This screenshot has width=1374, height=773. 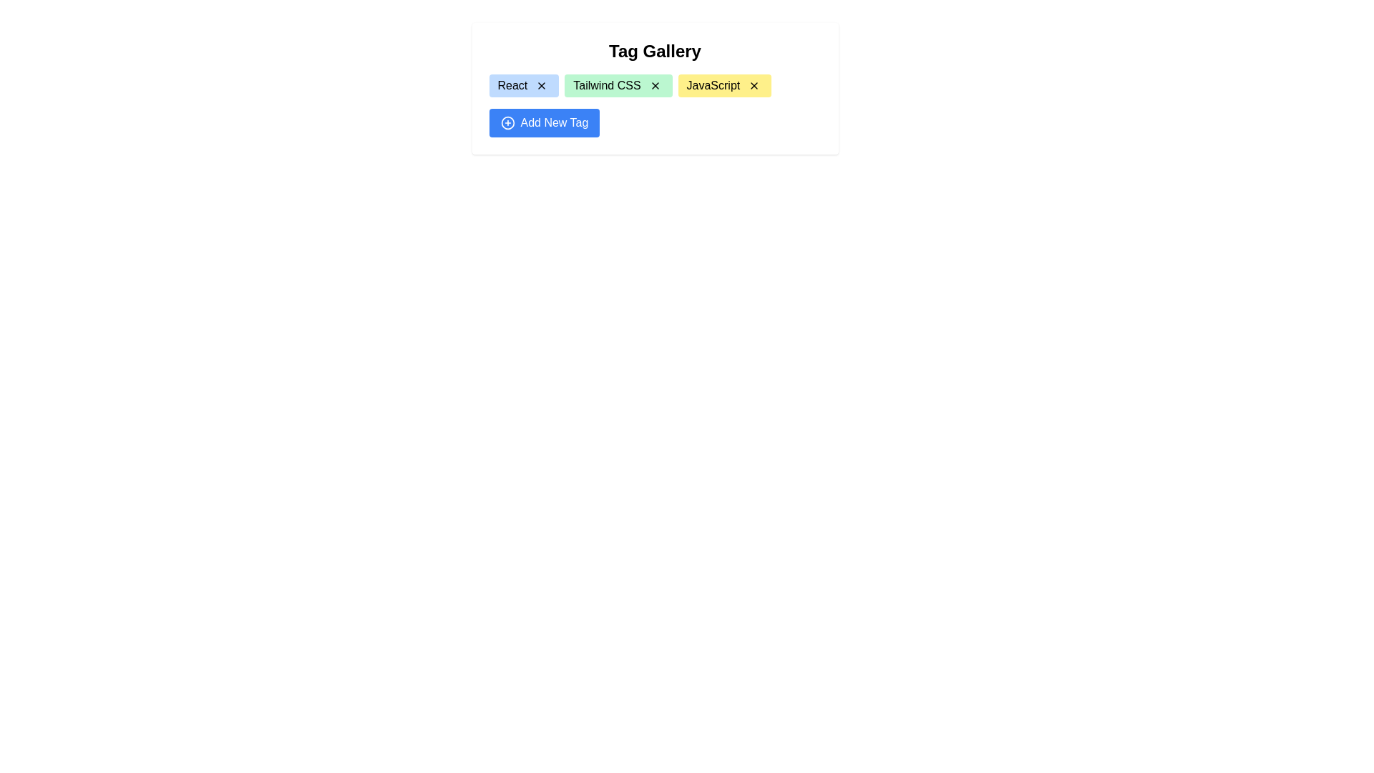 What do you see at coordinates (543, 122) in the screenshot?
I see `the button located at the bottom of the 'Tag Gallery' section to witness the hover effect, which allows users to add new tags` at bounding box center [543, 122].